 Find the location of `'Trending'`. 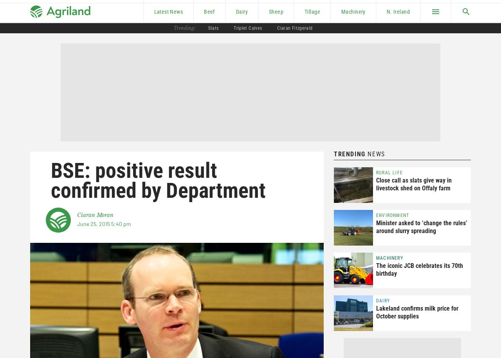

'Trending' is located at coordinates (349, 154).